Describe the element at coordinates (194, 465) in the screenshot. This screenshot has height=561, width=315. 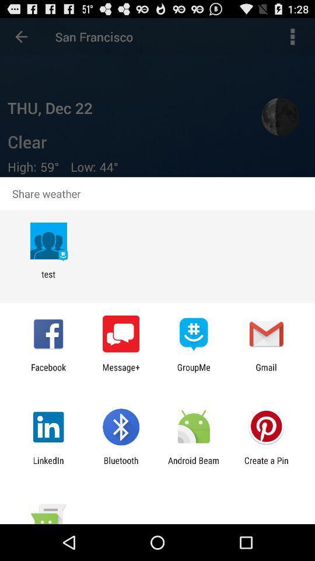
I see `the item to the right of the bluetooth icon` at that location.